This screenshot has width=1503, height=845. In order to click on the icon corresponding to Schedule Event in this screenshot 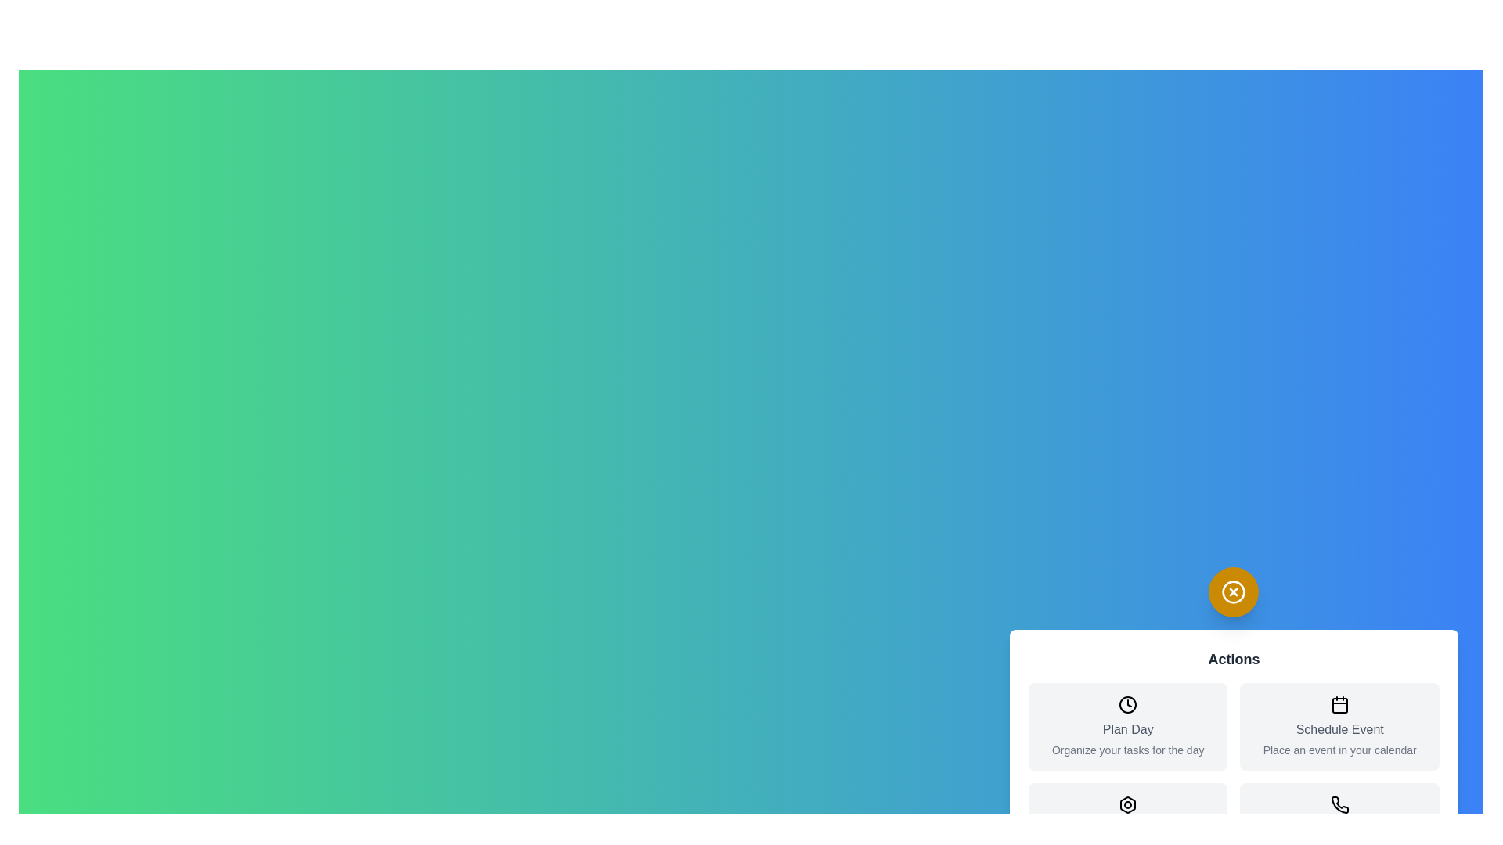, I will do `click(1338, 705)`.